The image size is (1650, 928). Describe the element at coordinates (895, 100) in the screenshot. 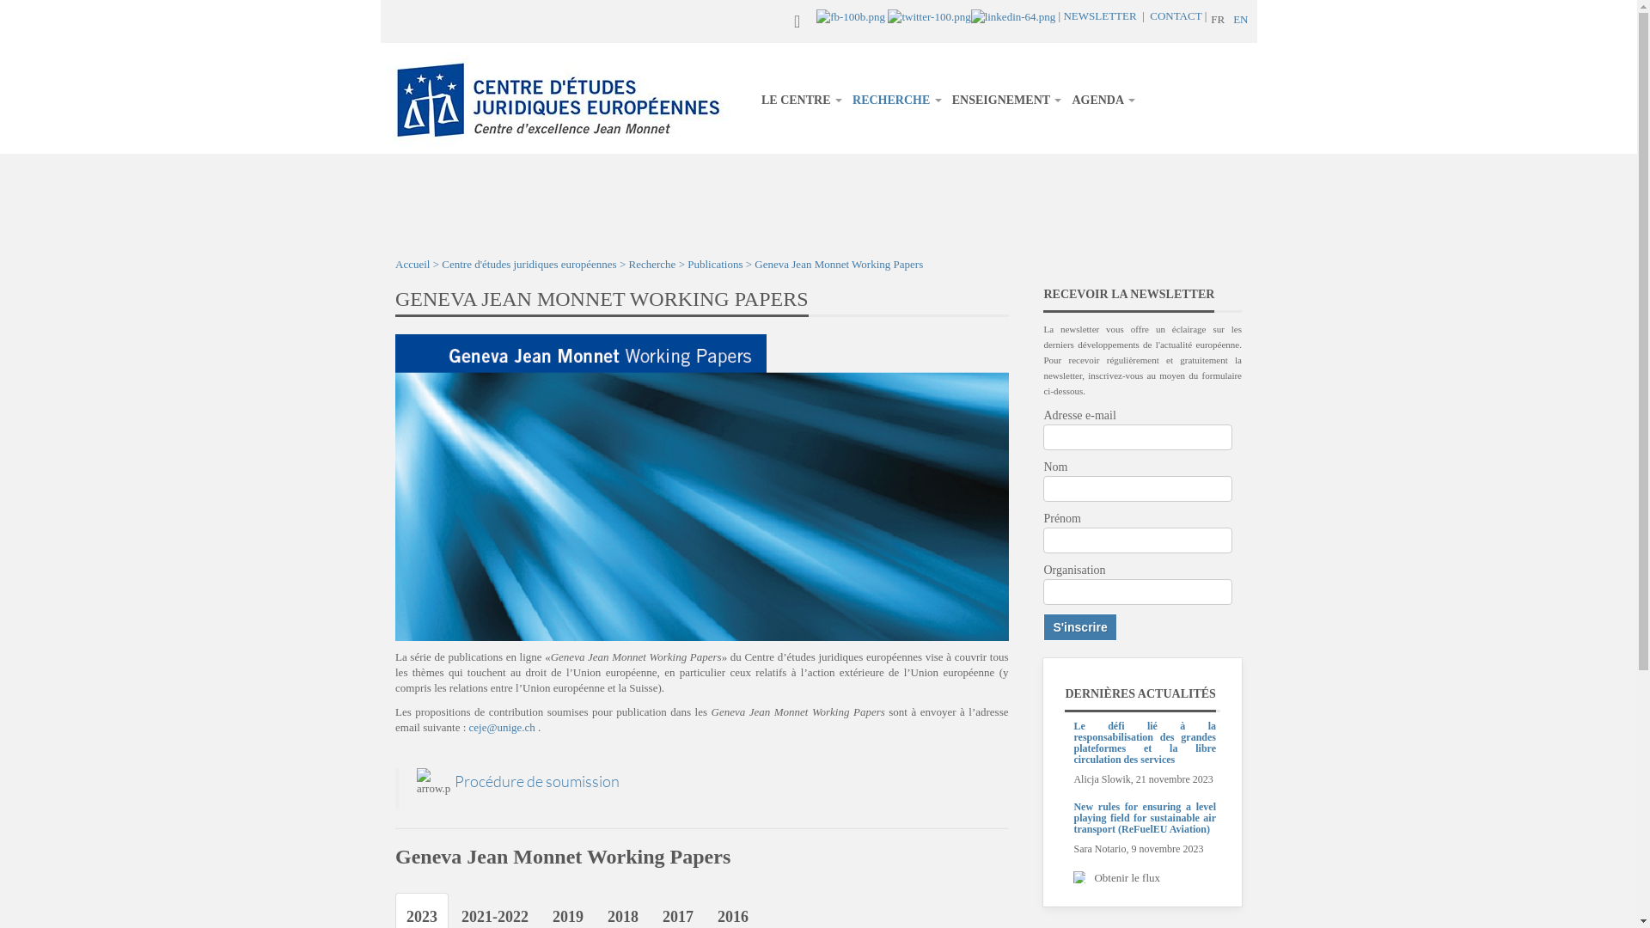

I see `'RECHERCHE'` at that location.